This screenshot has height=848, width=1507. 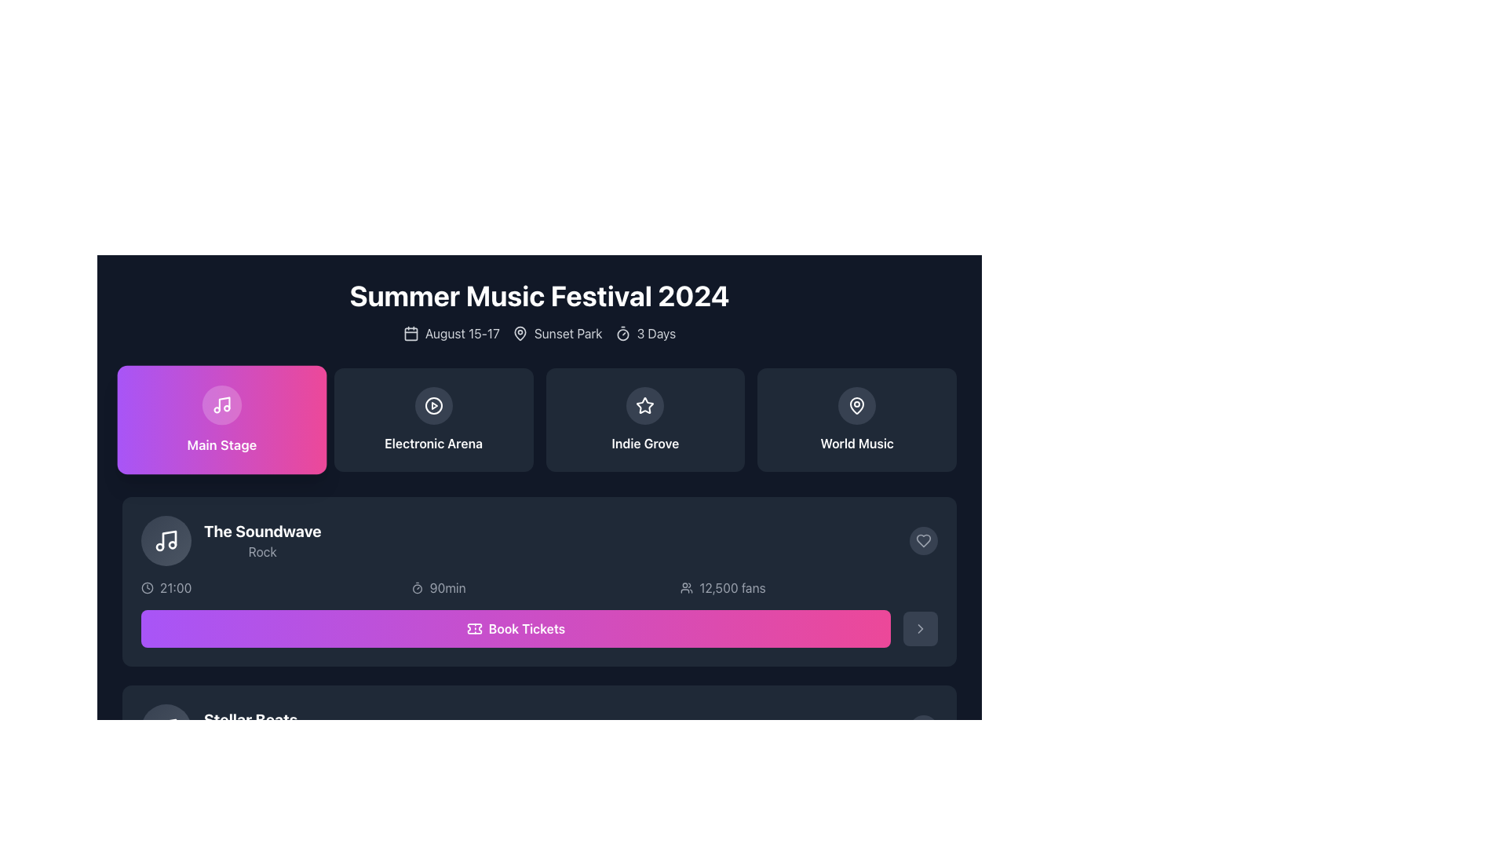 I want to click on the horizontally elongated rectangular button labeled 'Book Tickets' with a gradient background transitioning from purple to pink to initiate the ticket booking process, so click(x=539, y=817).